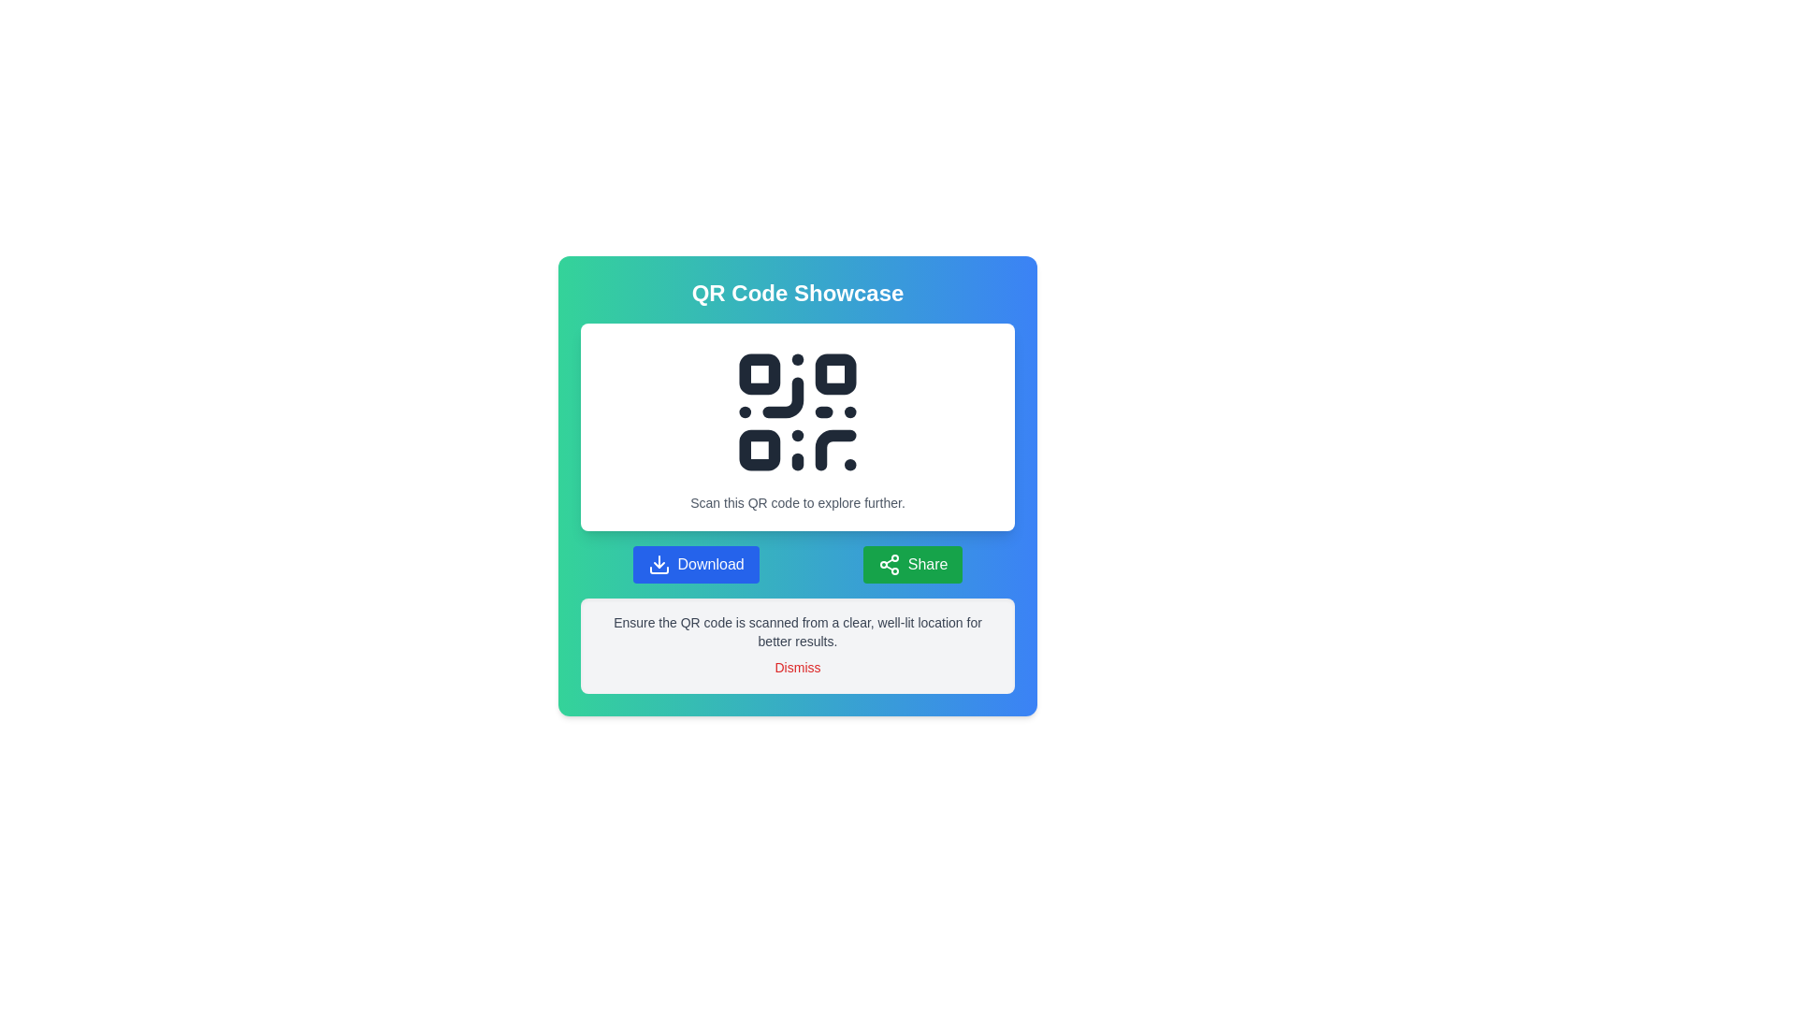 This screenshot has height=1010, width=1796. What do you see at coordinates (913, 564) in the screenshot?
I see `the green 'Share' button with rounded corners that has white text and a share icon` at bounding box center [913, 564].